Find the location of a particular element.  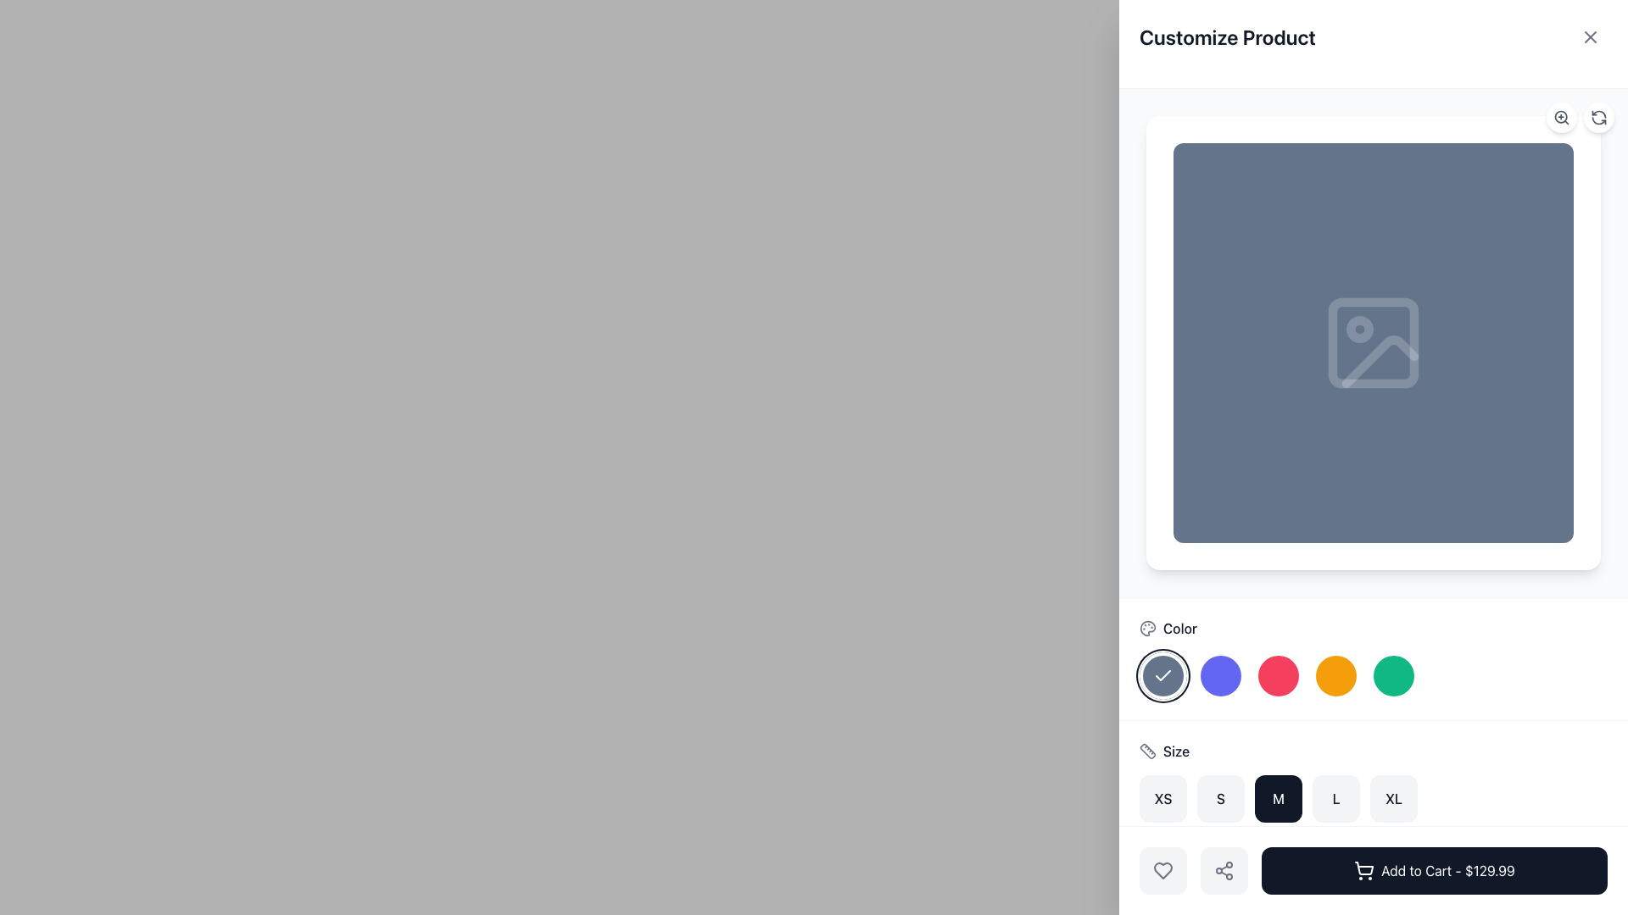

the circular refresh button located in the top-right corner of the 'Customize Product' modal to refresh or reload the content is located at coordinates (1598, 116).